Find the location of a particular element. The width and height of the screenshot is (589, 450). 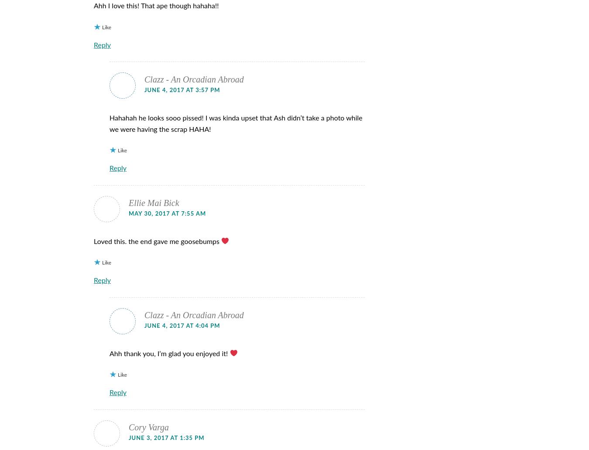

'Ahh I love this! That ape though hahaha!!' is located at coordinates (156, 6).